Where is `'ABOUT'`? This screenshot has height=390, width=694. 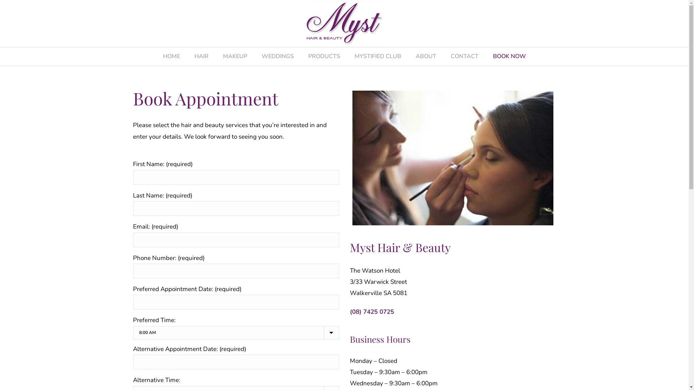 'ABOUT' is located at coordinates (426, 56).